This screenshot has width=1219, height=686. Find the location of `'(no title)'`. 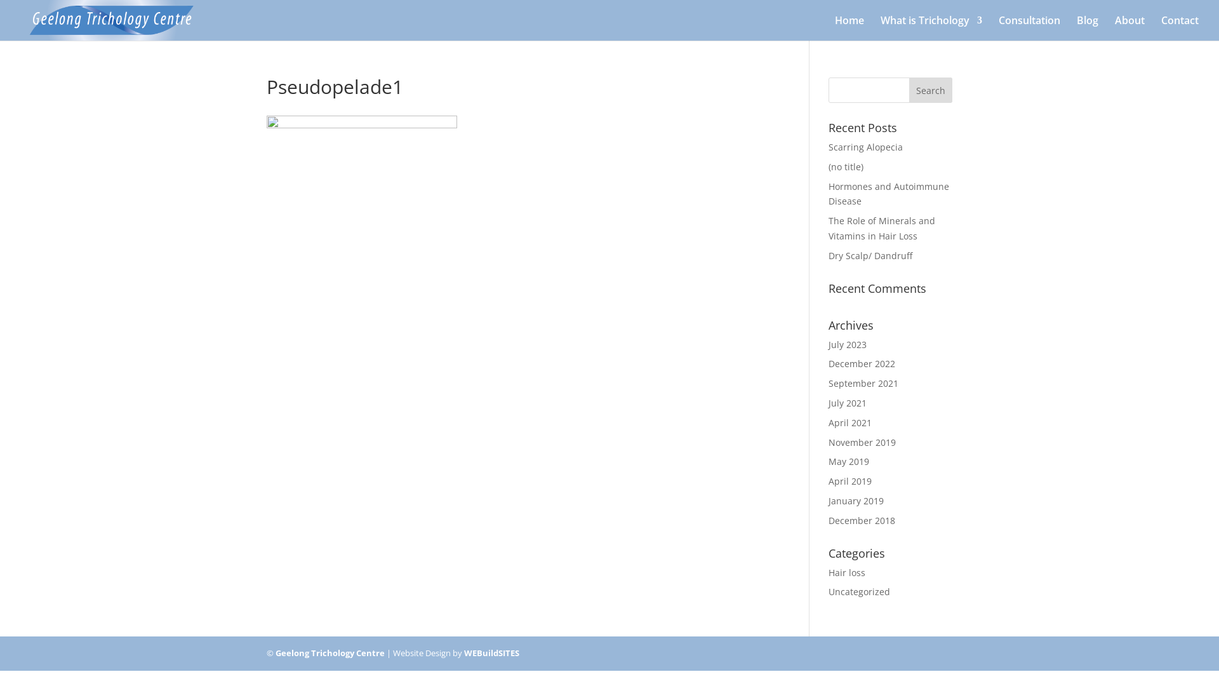

'(no title)' is located at coordinates (846, 166).